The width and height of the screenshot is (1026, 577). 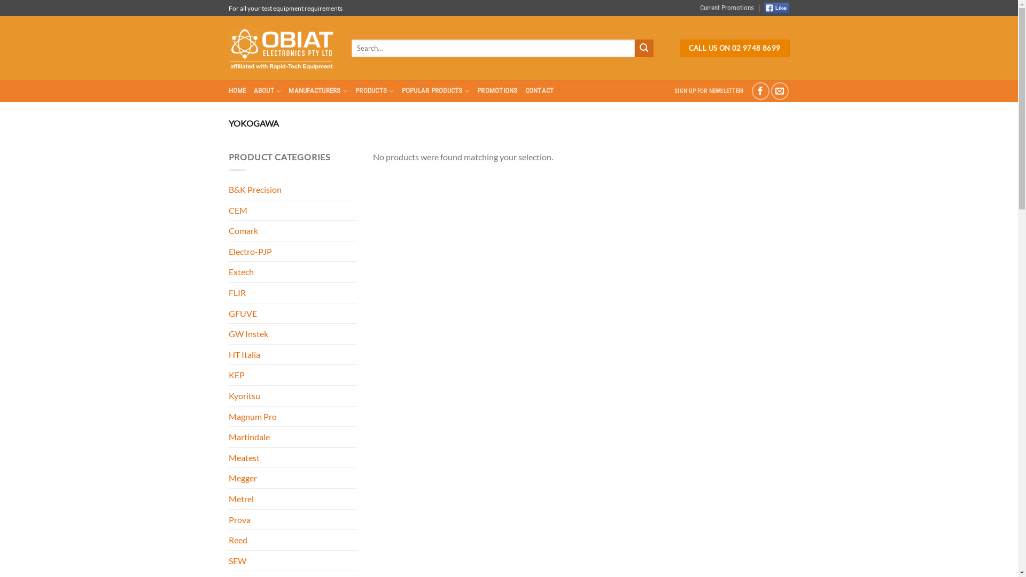 I want to click on 'Send us an email', so click(x=771, y=90).